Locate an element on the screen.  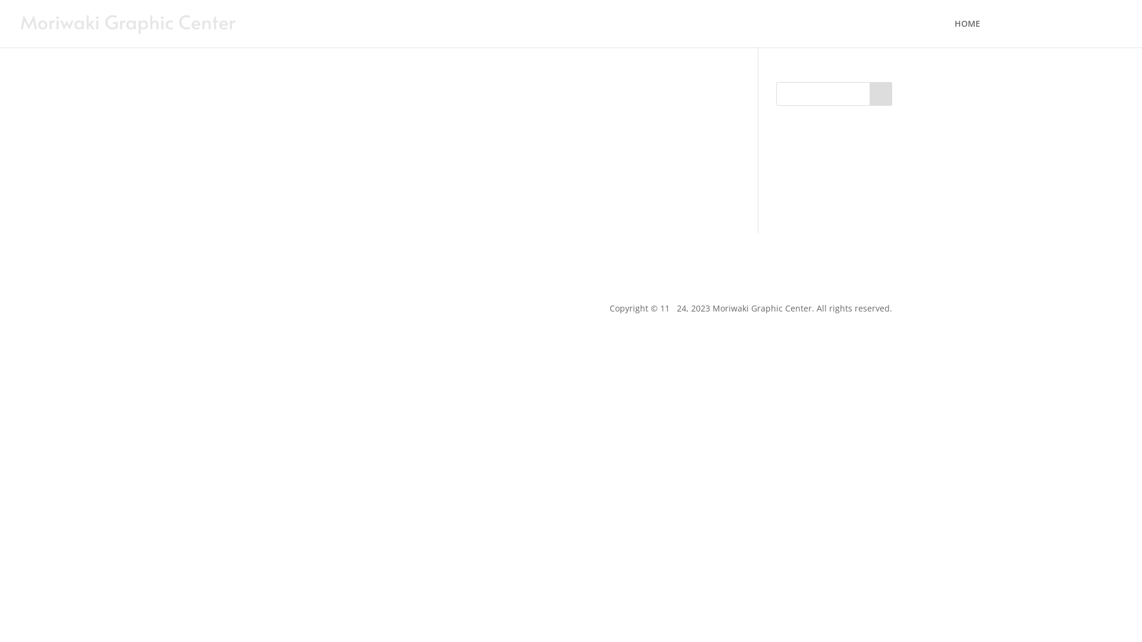
'HOME' is located at coordinates (954, 33).